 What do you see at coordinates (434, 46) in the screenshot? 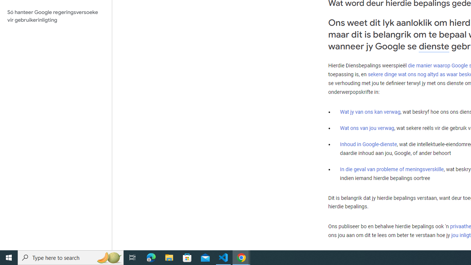
I see `'dienste'` at bounding box center [434, 46].